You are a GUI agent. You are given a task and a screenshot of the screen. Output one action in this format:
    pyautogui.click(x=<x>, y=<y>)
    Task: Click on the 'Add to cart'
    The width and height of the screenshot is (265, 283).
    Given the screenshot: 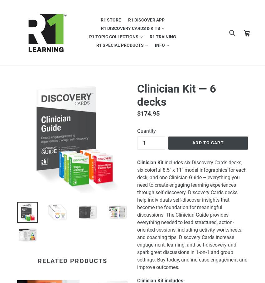 What is the action you would take?
    pyautogui.click(x=208, y=142)
    